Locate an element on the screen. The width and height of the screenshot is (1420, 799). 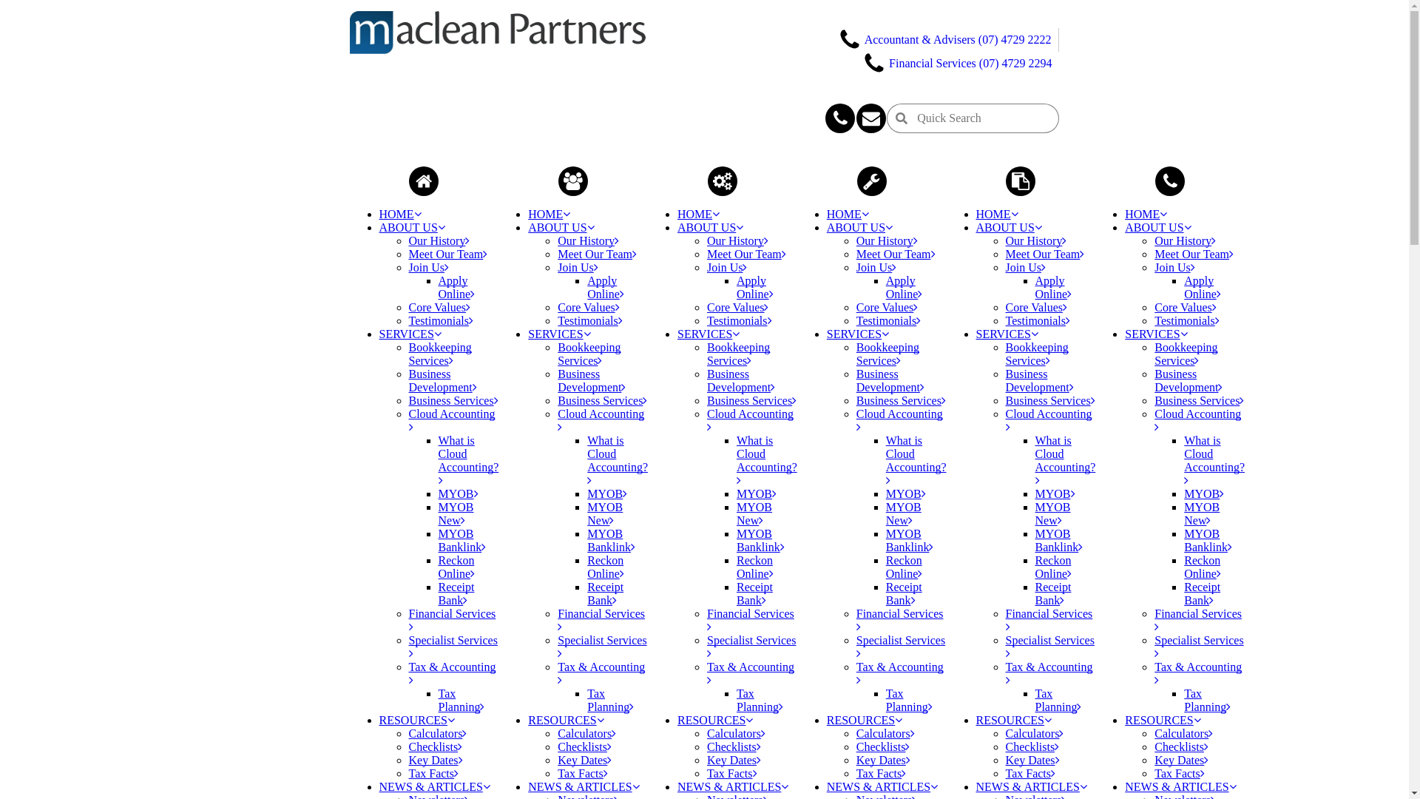
'Business Services' is located at coordinates (706, 400).